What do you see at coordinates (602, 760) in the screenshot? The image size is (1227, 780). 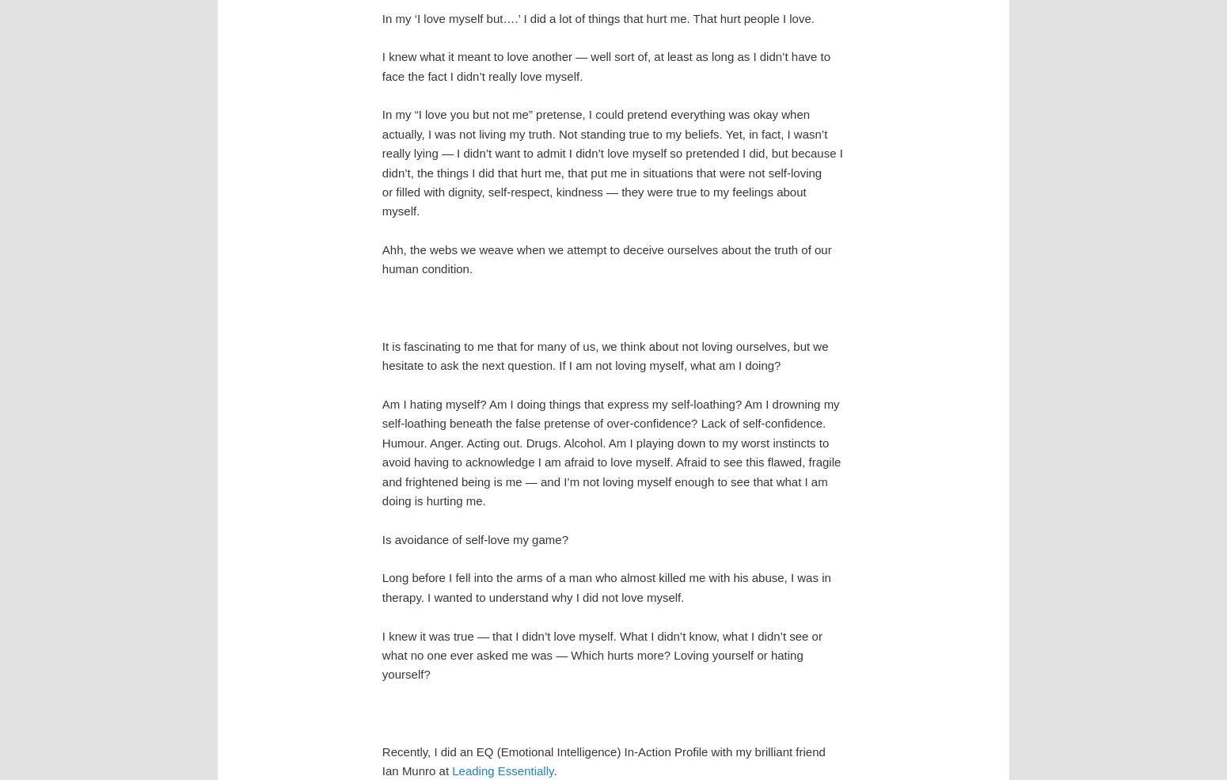 I see `'Recently, I did an EQ (Emotional Intelligence) In-Action Profile with my brilliant friend Ian Munro at'` at bounding box center [602, 760].